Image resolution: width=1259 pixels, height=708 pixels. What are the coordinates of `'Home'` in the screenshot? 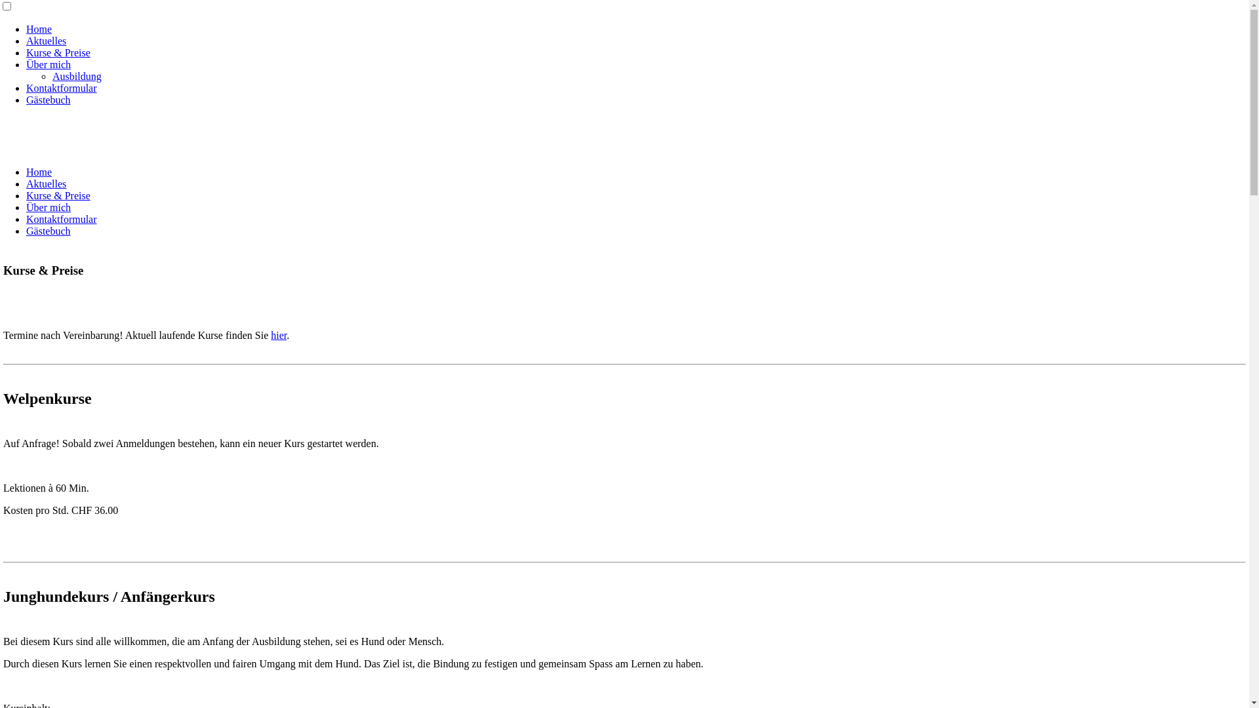 It's located at (39, 29).